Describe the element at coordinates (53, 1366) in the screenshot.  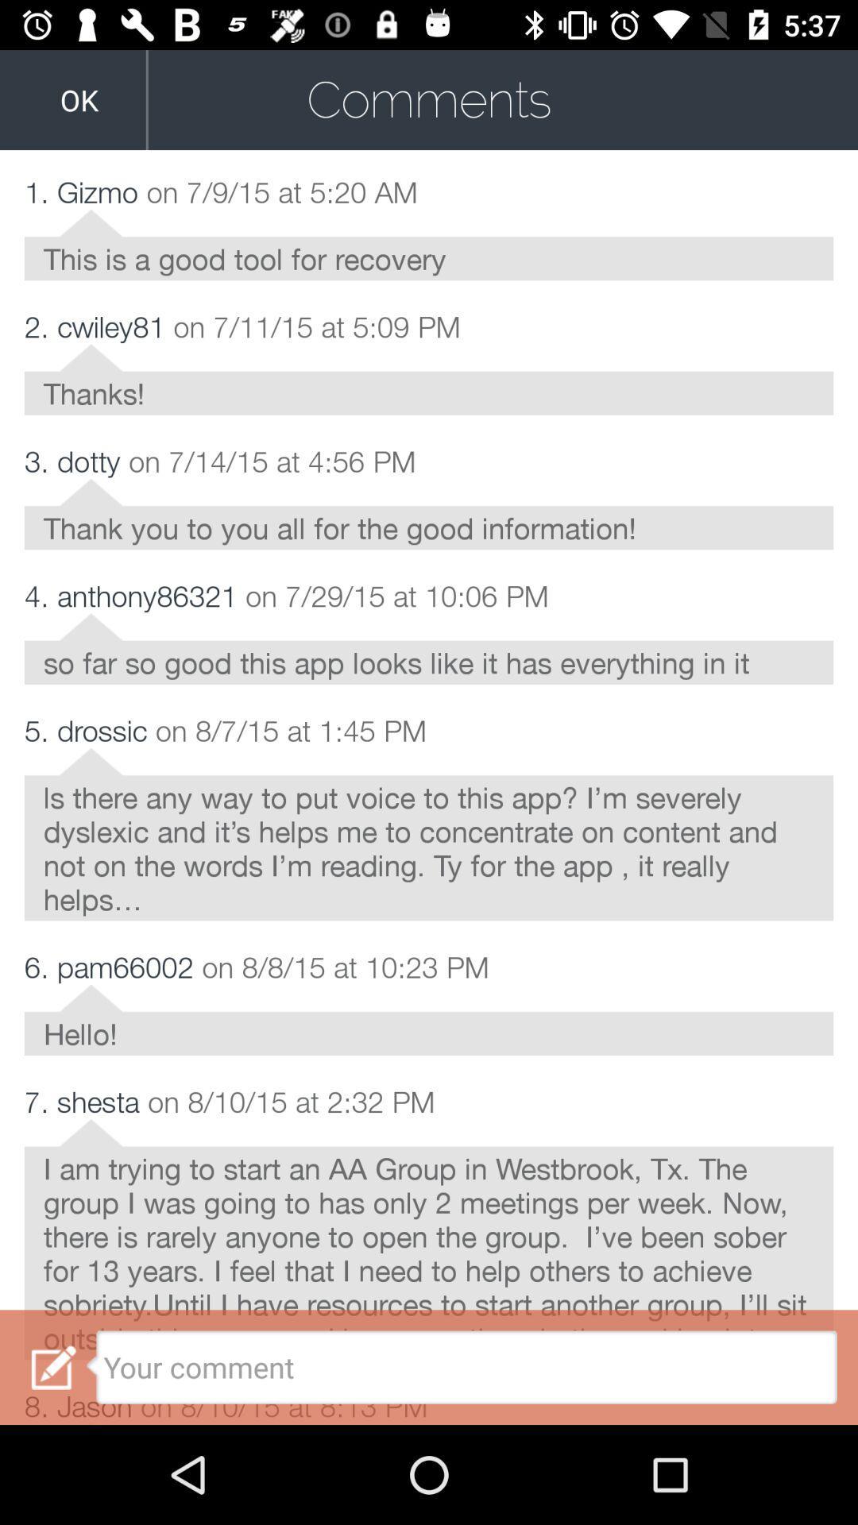
I see `the icon beside your comment` at that location.